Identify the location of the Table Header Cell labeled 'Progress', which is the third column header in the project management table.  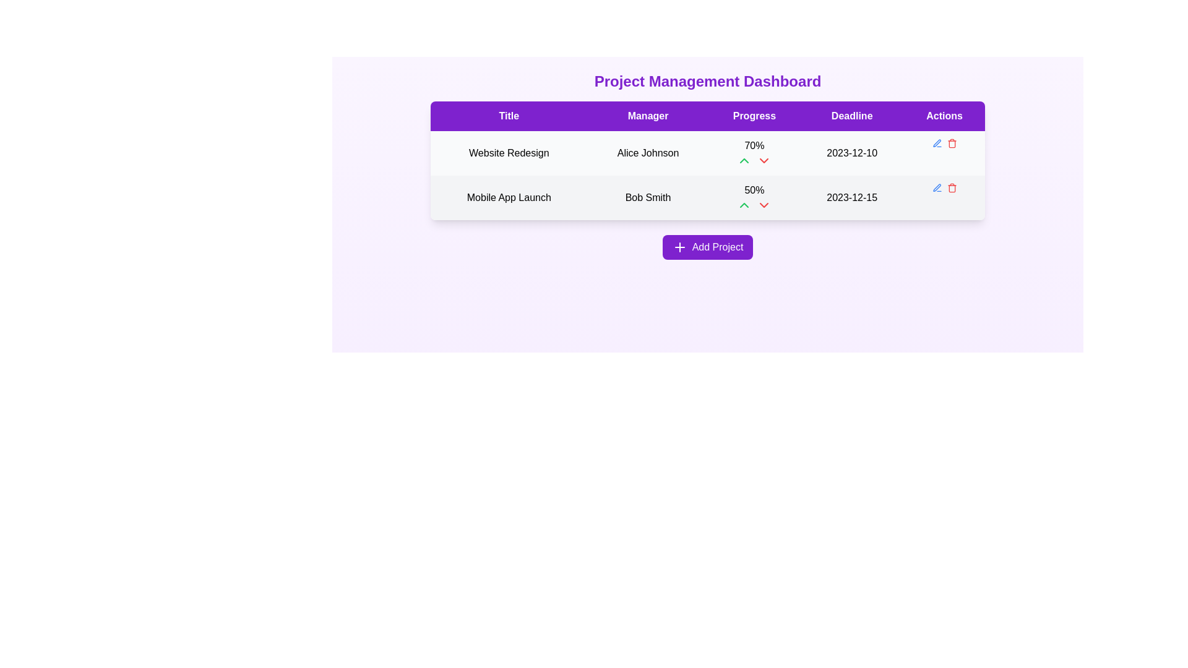
(754, 116).